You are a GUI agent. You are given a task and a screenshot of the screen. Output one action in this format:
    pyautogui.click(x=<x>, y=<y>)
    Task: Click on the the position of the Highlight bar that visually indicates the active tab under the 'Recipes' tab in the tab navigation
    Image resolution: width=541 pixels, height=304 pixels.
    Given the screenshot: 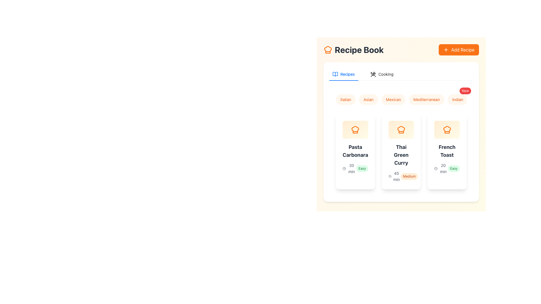 What is the action you would take?
    pyautogui.click(x=343, y=80)
    